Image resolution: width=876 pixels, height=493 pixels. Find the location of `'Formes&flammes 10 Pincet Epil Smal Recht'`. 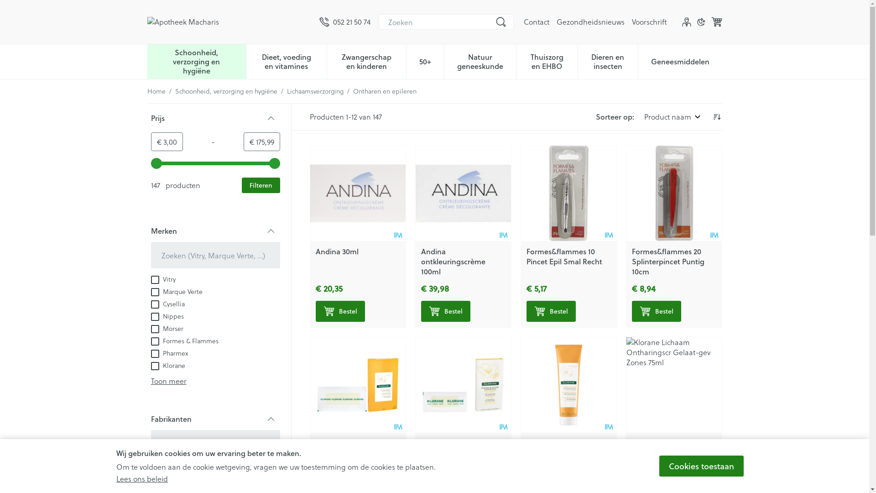

'Formes&flammes 10 Pincet Epil Smal Recht' is located at coordinates (564, 256).